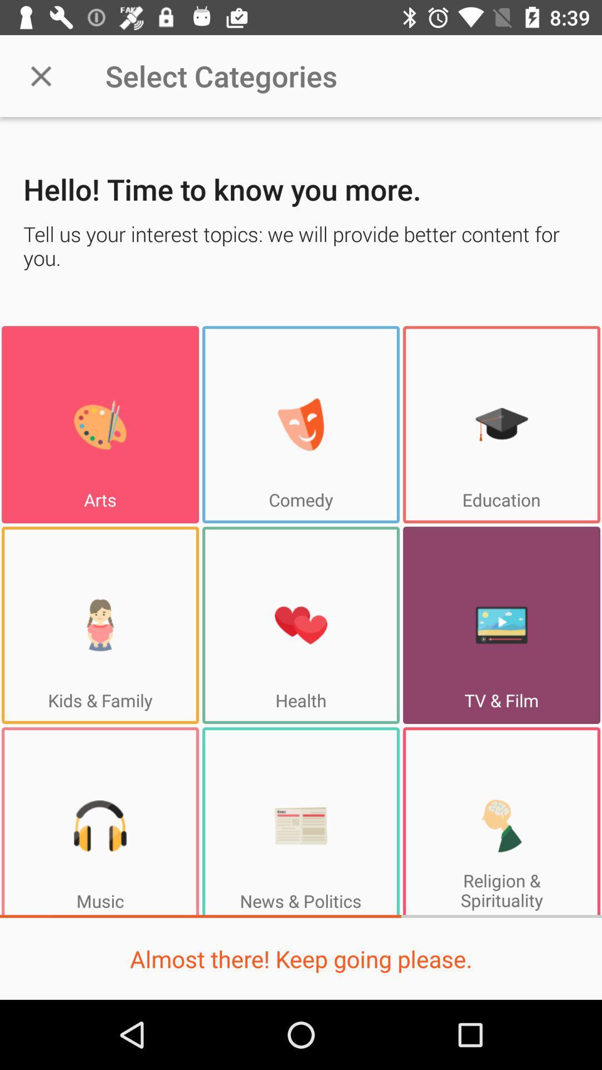  I want to click on item above the hello time to item, so click(40, 75).